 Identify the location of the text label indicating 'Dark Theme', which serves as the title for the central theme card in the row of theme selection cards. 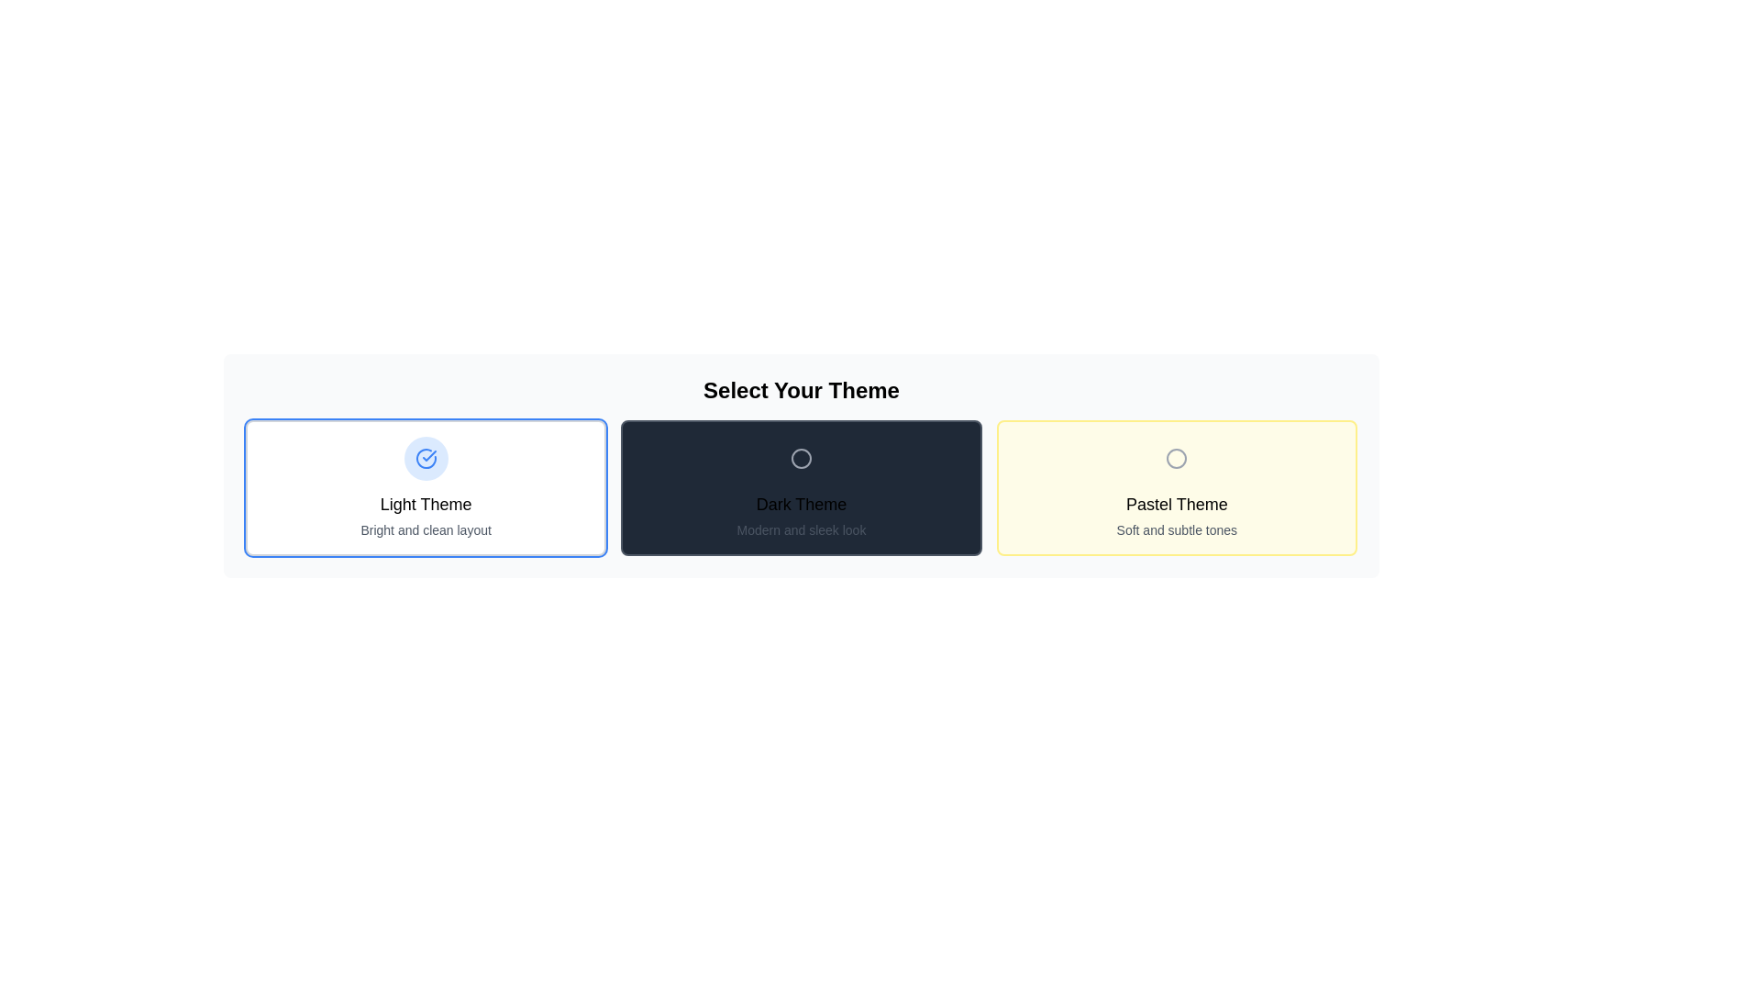
(801, 505).